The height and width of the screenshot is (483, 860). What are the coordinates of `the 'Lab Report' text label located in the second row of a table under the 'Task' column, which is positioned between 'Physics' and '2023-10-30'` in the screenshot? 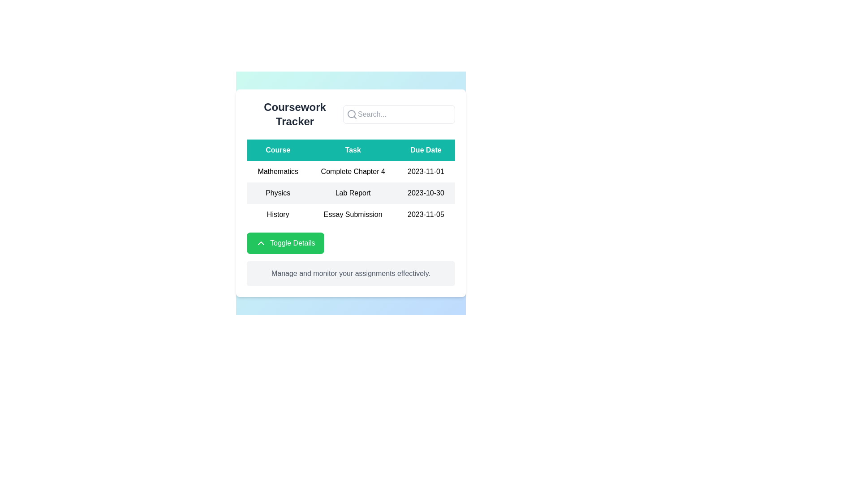 It's located at (353, 193).